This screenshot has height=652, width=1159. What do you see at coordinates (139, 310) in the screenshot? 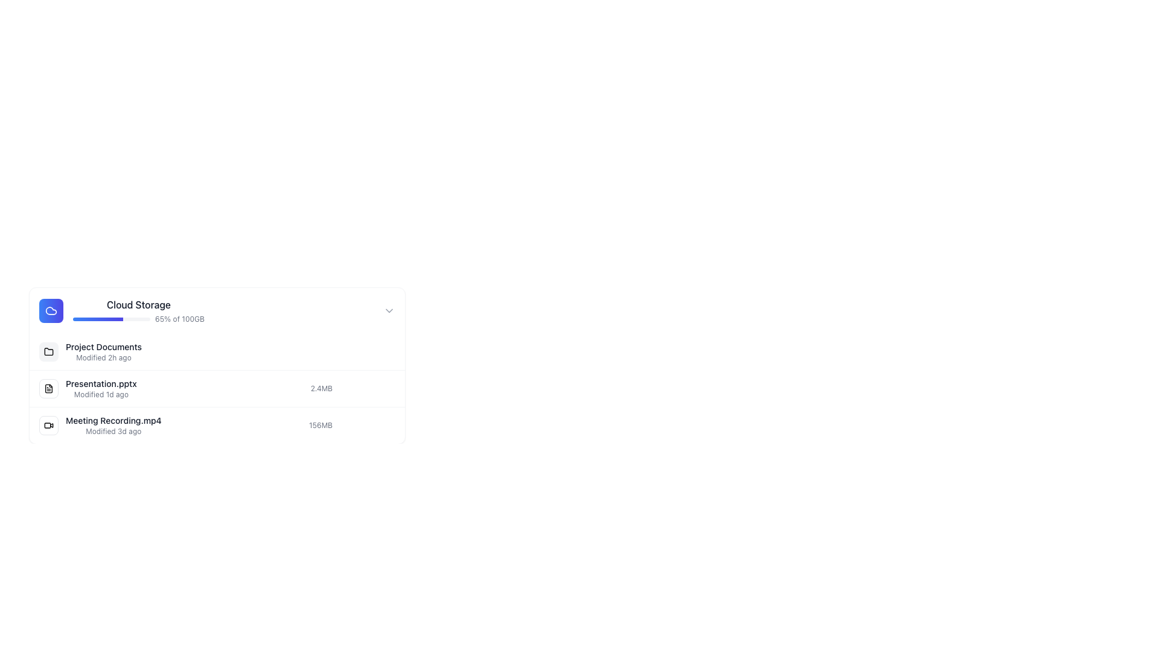
I see `the Progress Bar with Label and Description that indicates cloud storage usage, located in the first row of the list-like structure, adjacent to the cloud icon` at bounding box center [139, 310].